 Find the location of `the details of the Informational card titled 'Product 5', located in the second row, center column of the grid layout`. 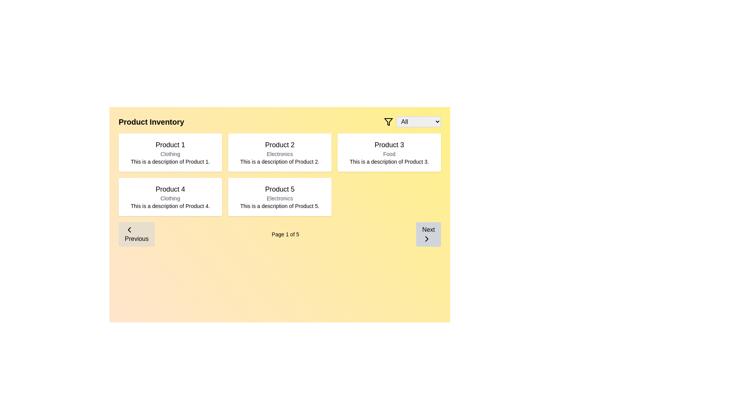

the details of the Informational card titled 'Product 5', located in the second row, center column of the grid layout is located at coordinates (279, 197).